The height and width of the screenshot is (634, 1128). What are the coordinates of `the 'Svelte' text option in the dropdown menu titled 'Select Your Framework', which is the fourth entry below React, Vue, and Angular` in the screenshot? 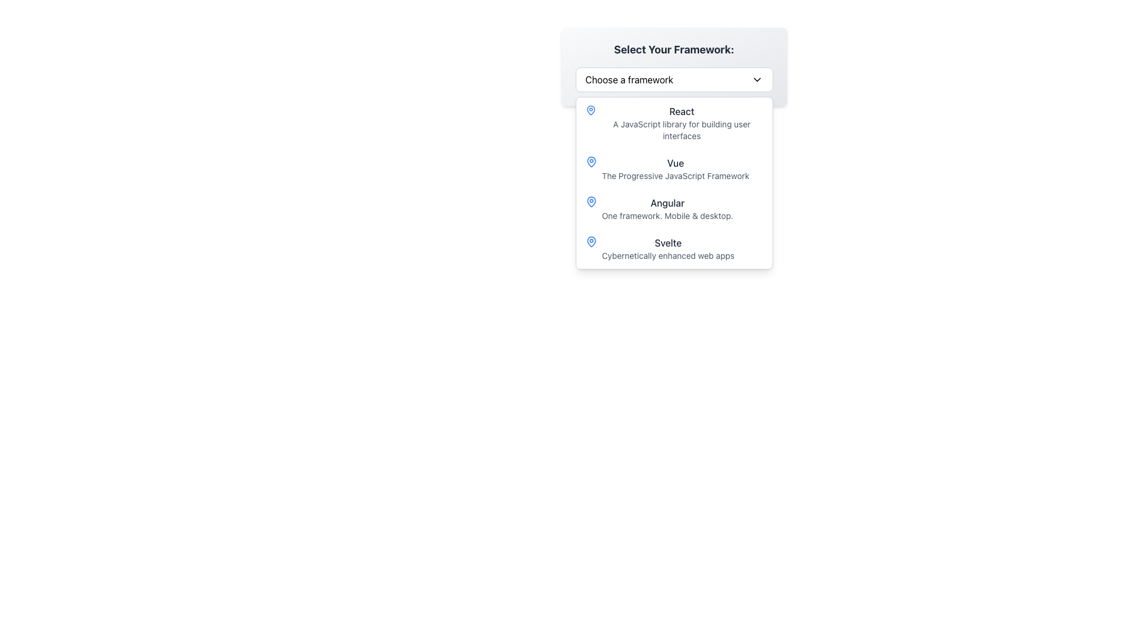 It's located at (668, 248).